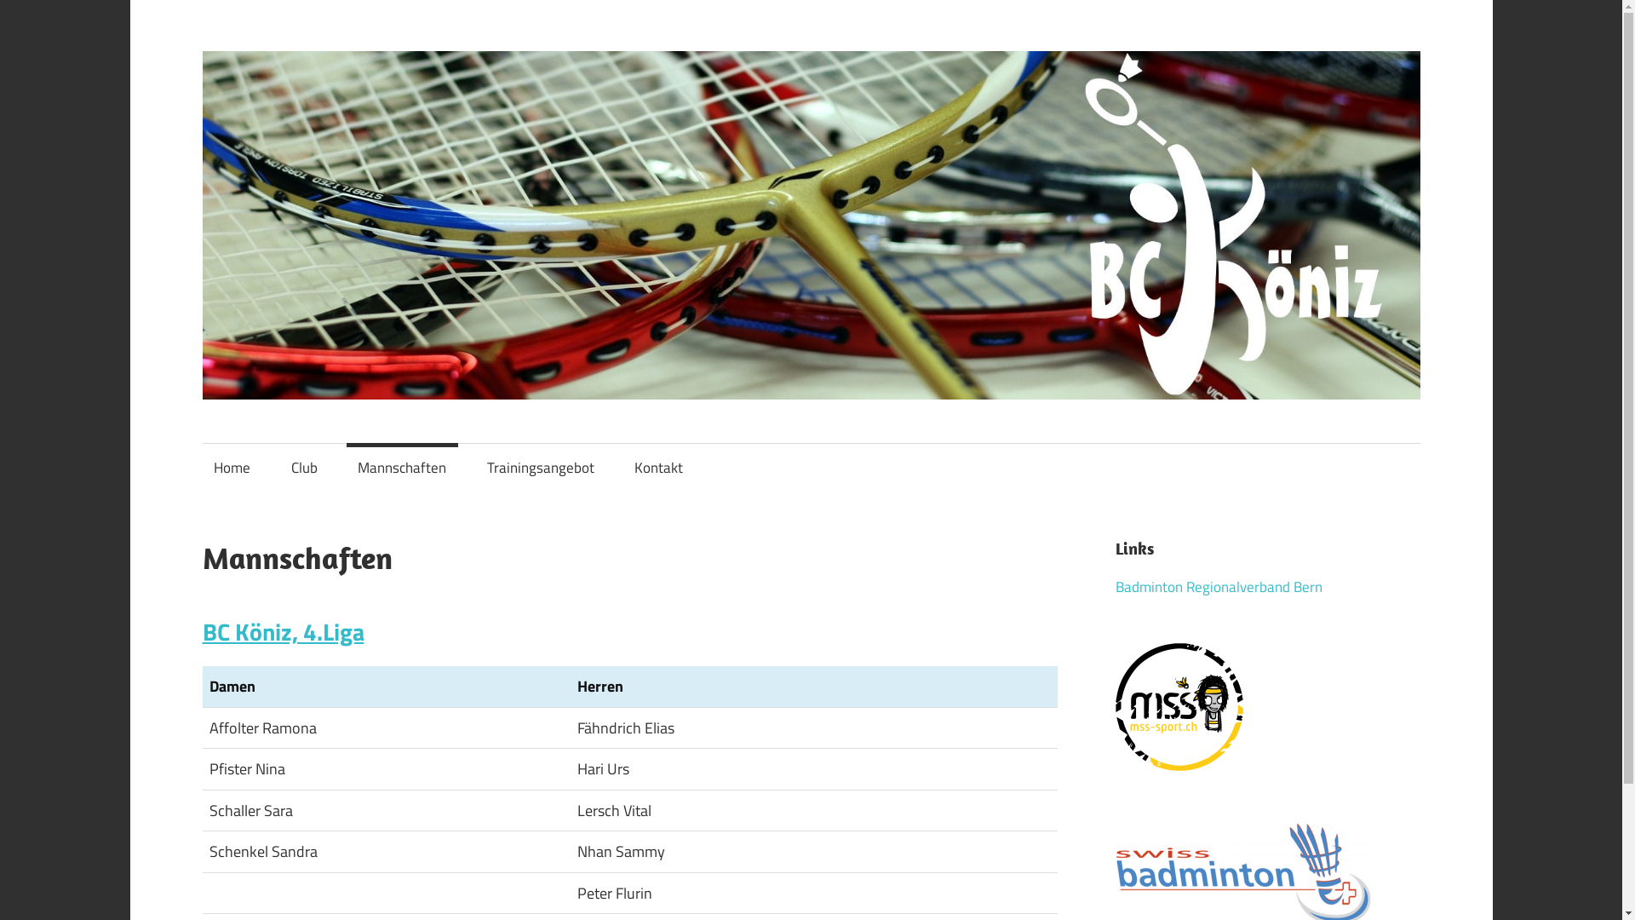  What do you see at coordinates (622, 468) in the screenshot?
I see `'Kontakt'` at bounding box center [622, 468].